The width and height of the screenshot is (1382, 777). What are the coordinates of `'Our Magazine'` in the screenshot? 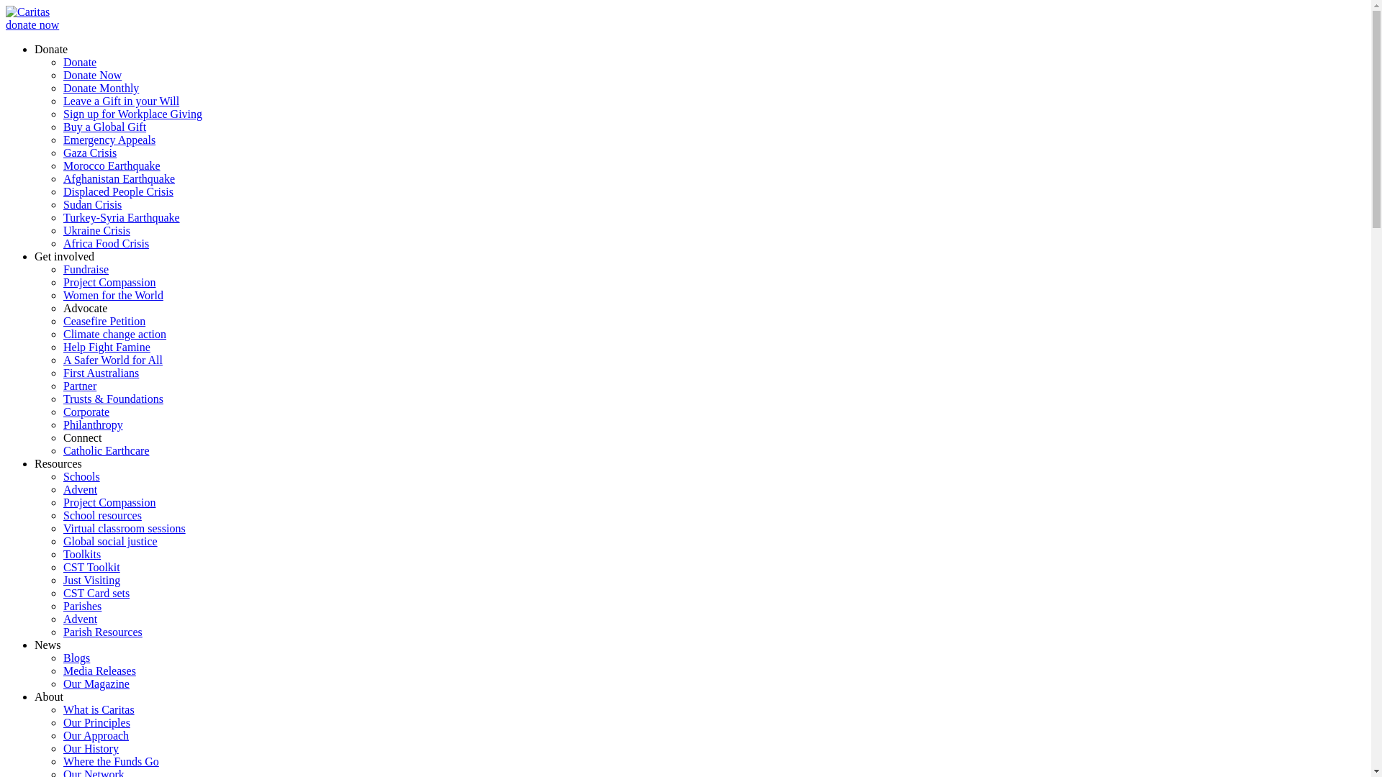 It's located at (96, 683).